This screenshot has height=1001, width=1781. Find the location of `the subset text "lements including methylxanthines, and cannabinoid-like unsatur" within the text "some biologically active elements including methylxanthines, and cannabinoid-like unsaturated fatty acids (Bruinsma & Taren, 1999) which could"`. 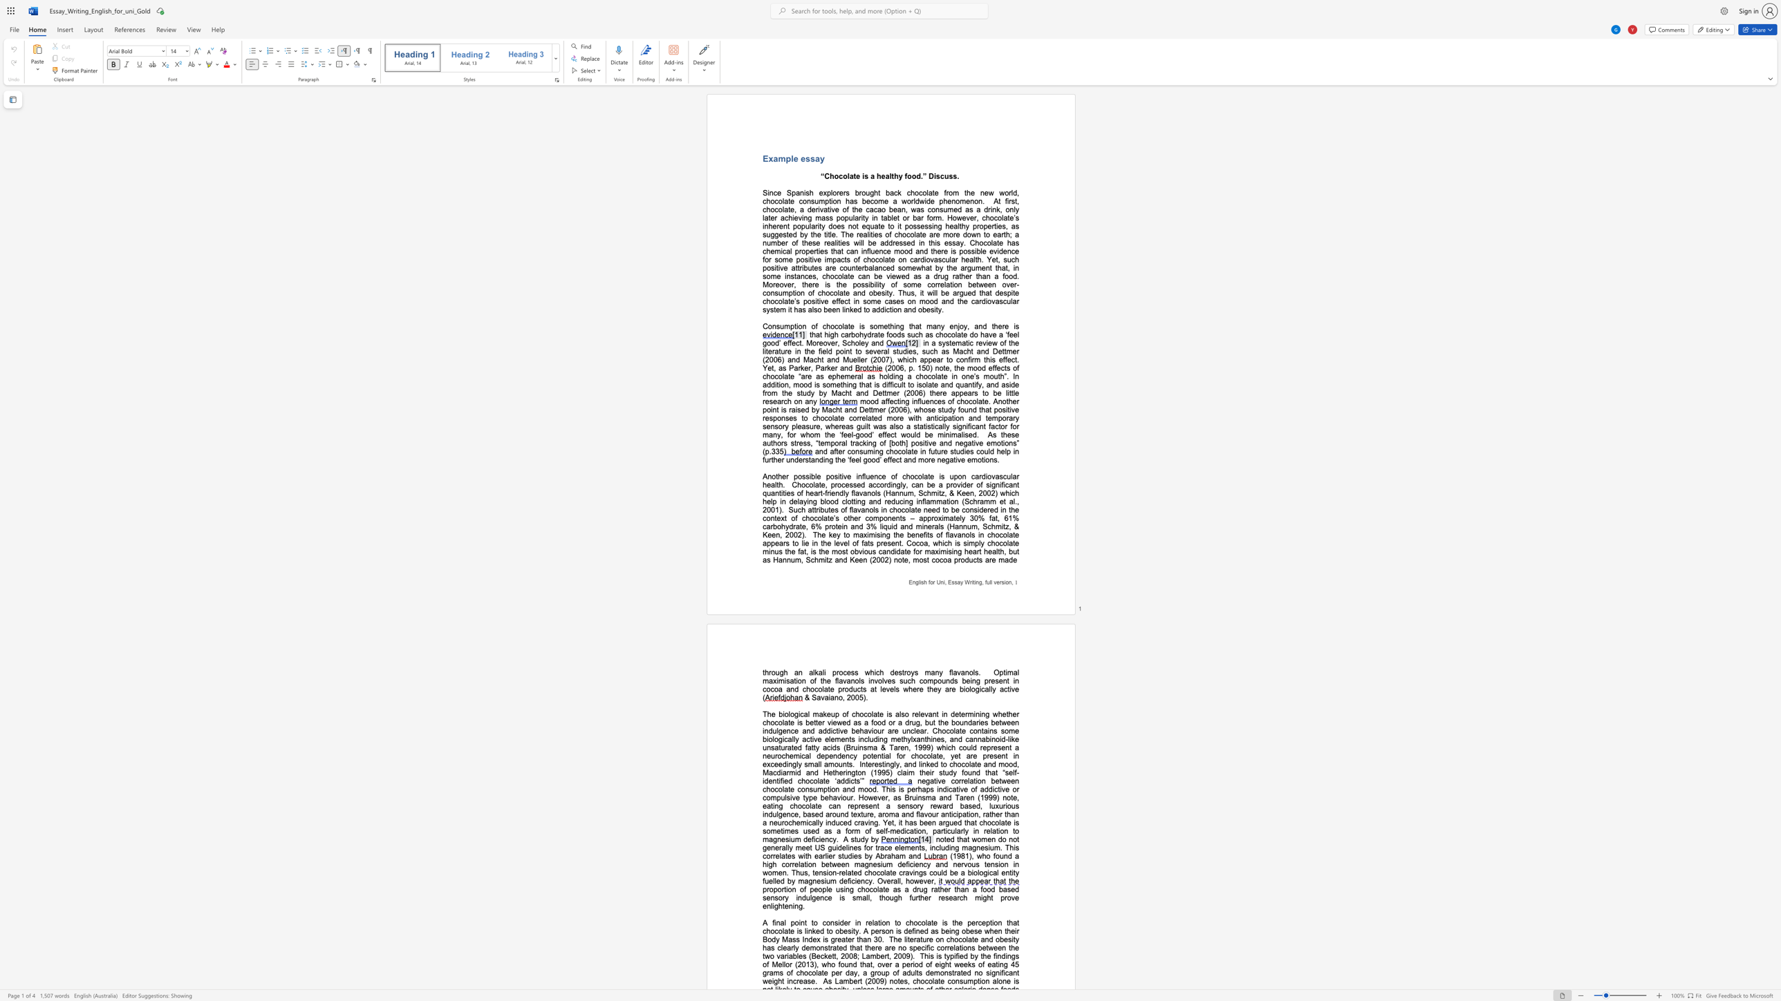

the subset text "lements including methylxanthines, and cannabinoid-like unsatur" within the text "some biologically active elements including methylxanthines, and cannabinoid-like unsaturated fatty acids (Bruinsma & Taren, 1999) which could" is located at coordinates (829, 738).